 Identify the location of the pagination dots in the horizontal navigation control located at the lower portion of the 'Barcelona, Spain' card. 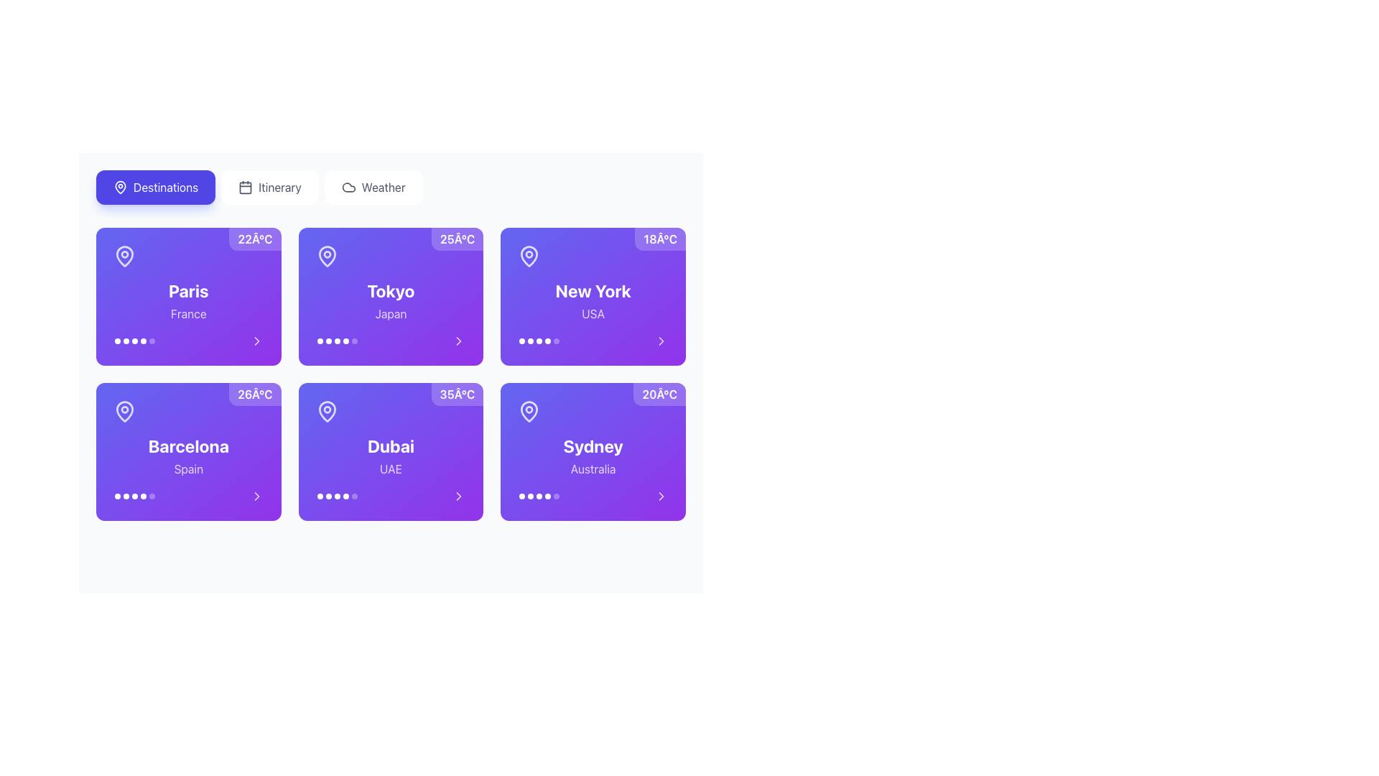
(187, 495).